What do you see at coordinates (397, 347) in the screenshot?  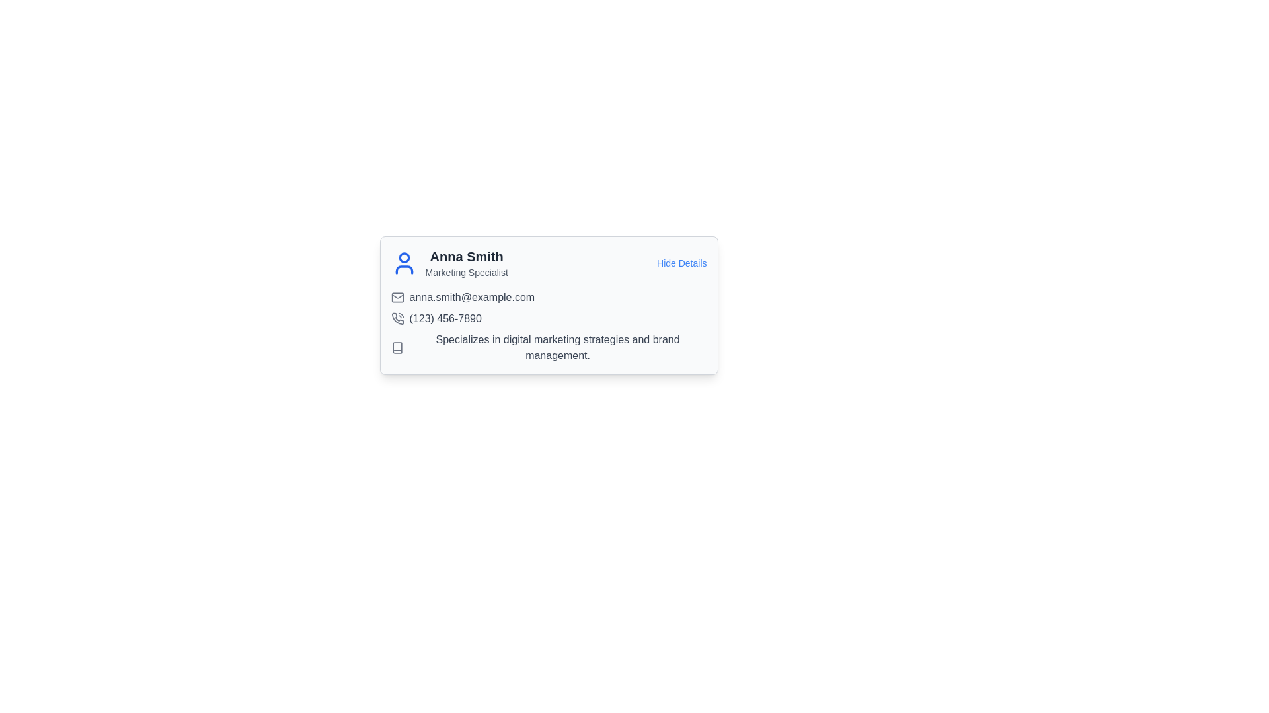 I see `book icon element, which is light gray, thin-lined, and rounded rectangular, located to the left of the text about digital marketing strategies` at bounding box center [397, 347].